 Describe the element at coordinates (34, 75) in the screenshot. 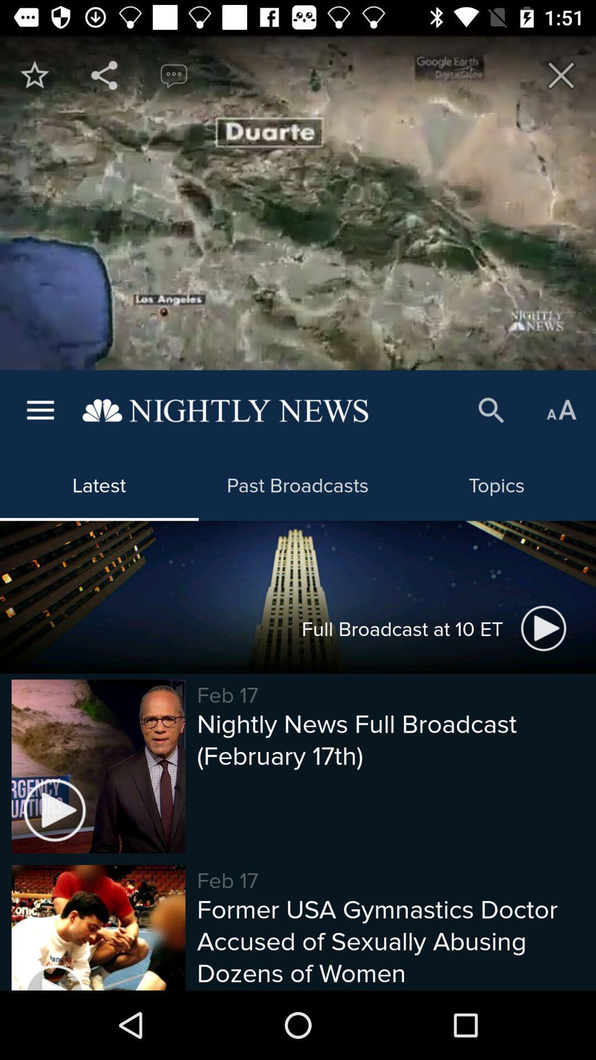

I see `the star icon` at that location.